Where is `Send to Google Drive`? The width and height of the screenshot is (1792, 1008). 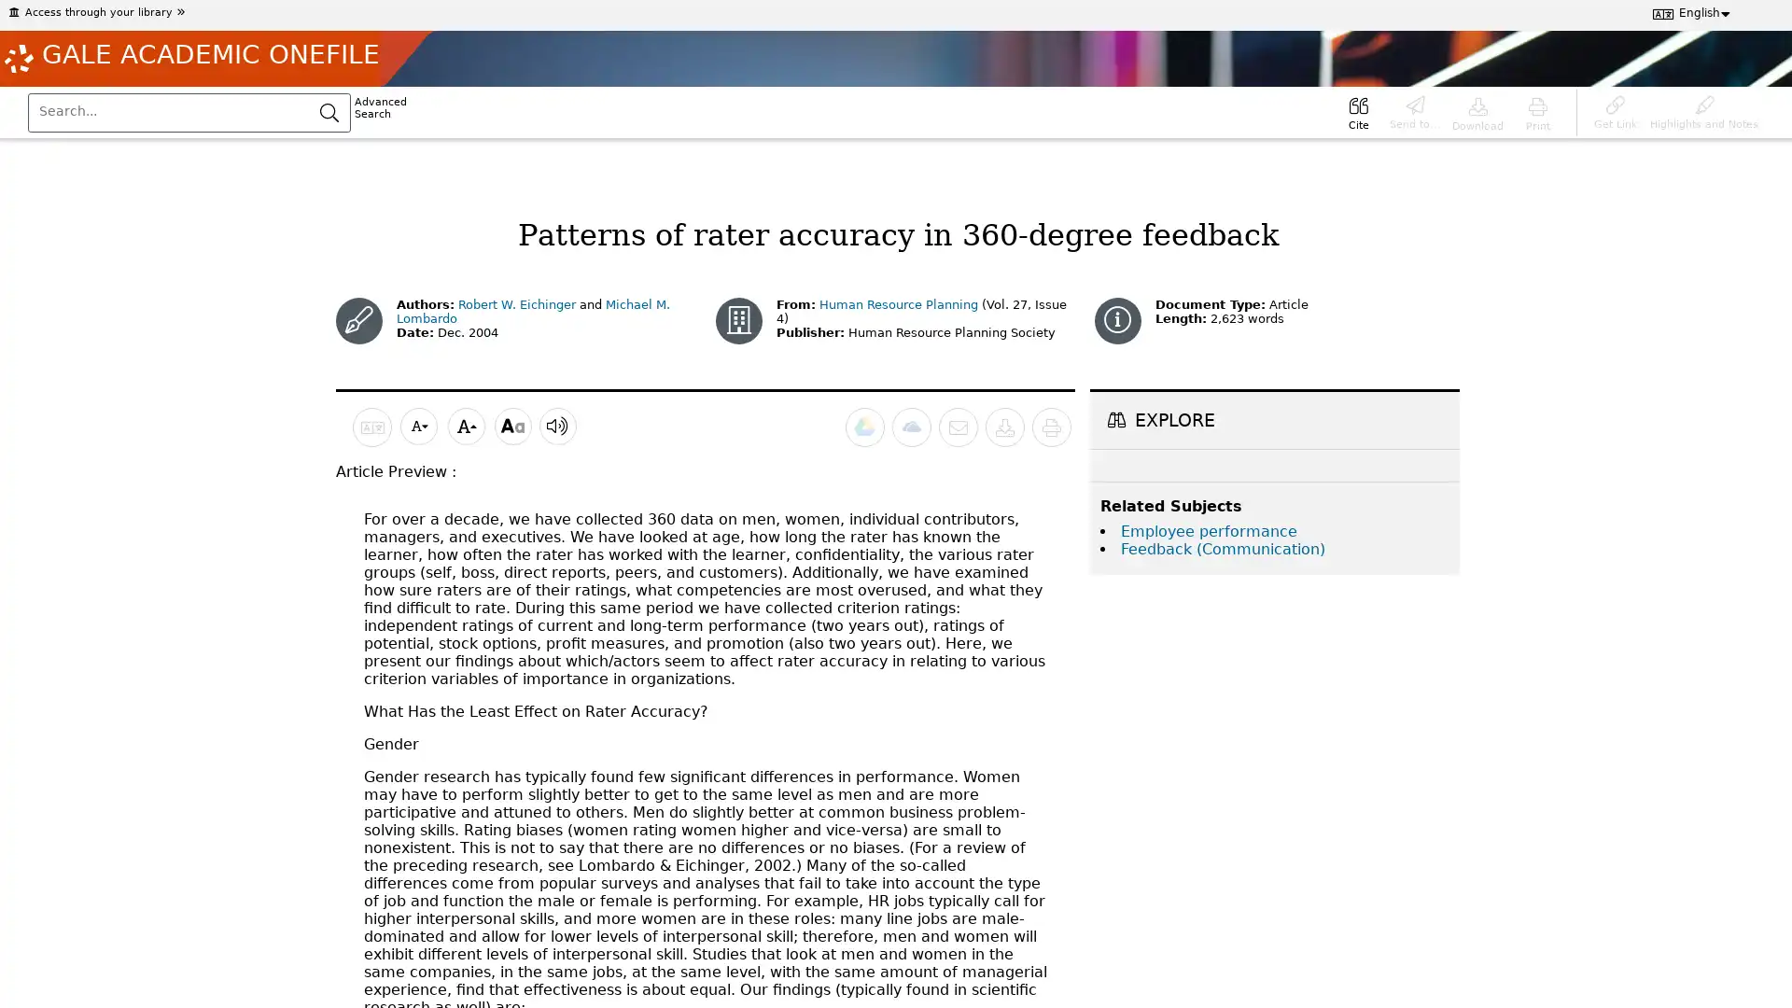 Send to Google Drive is located at coordinates (863, 427).